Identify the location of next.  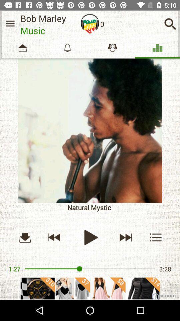
(125, 237).